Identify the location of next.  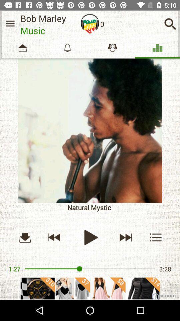
(125, 237).